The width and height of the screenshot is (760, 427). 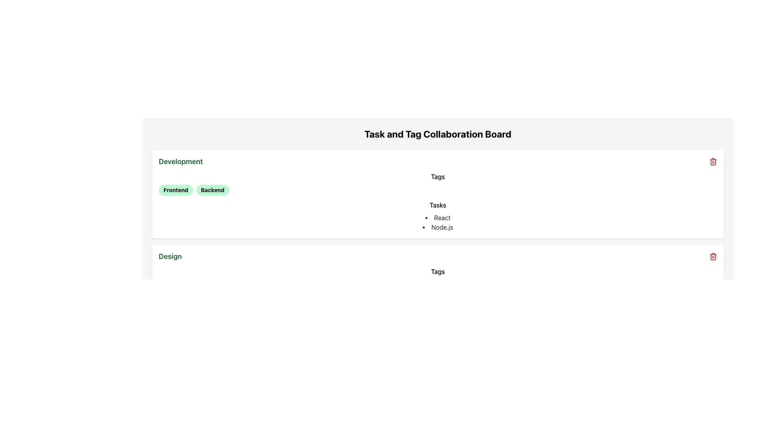 I want to click on the Bullet list containing task items 'React' and 'Node.js', which is located below the 'Tasks' header, so click(x=437, y=223).